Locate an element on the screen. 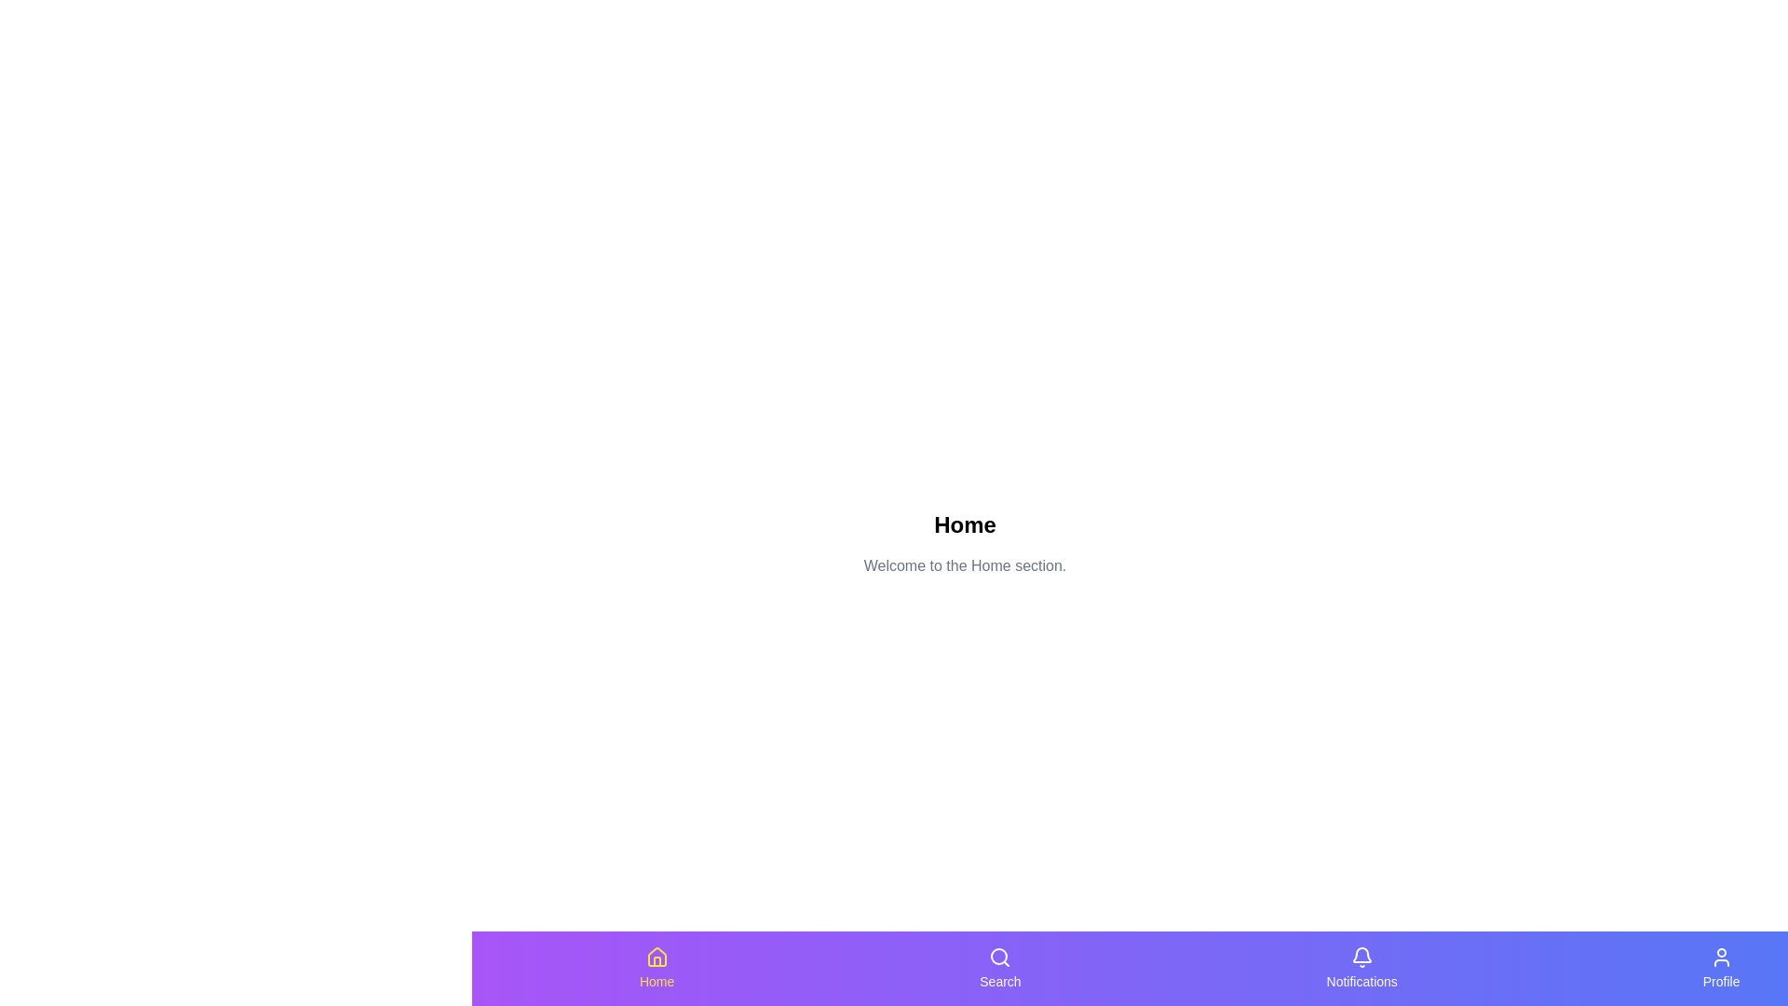 This screenshot has height=1006, width=1788. the profile navigation button located in the bottom horizontal navigation bar, which is the fourth option from the left, to observe any hover effect is located at coordinates (1720, 968).